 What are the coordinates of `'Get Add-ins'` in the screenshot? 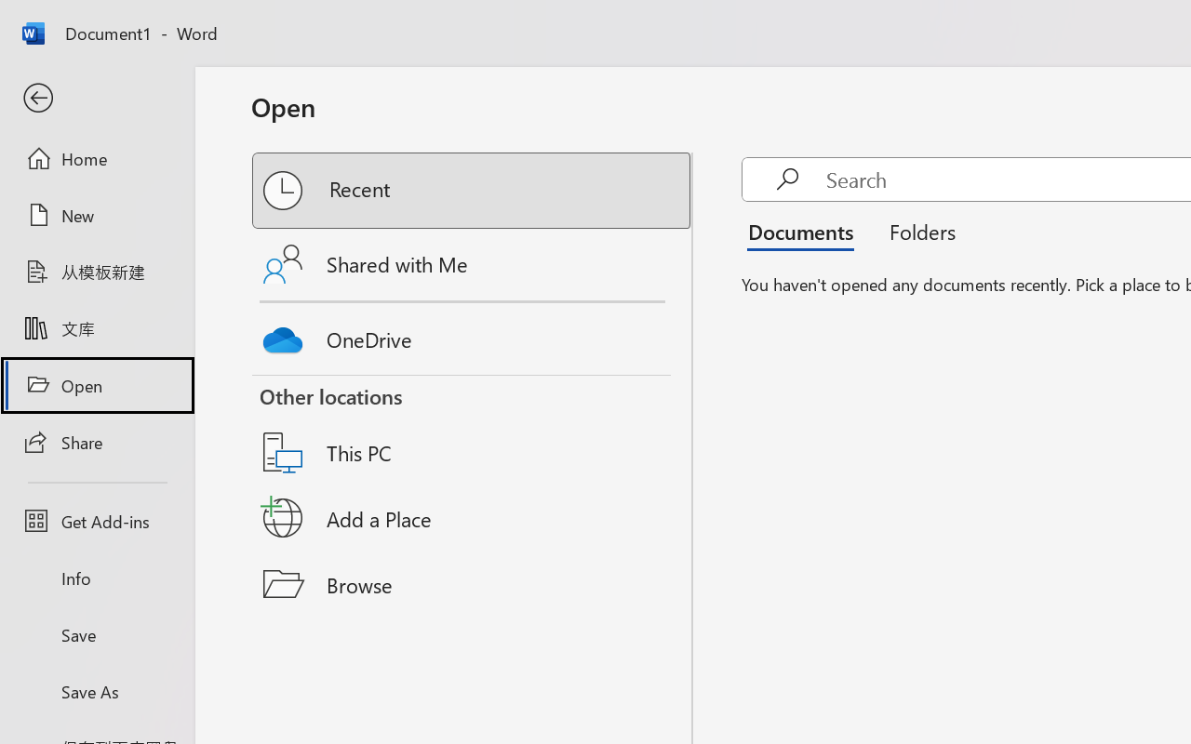 It's located at (96, 521).